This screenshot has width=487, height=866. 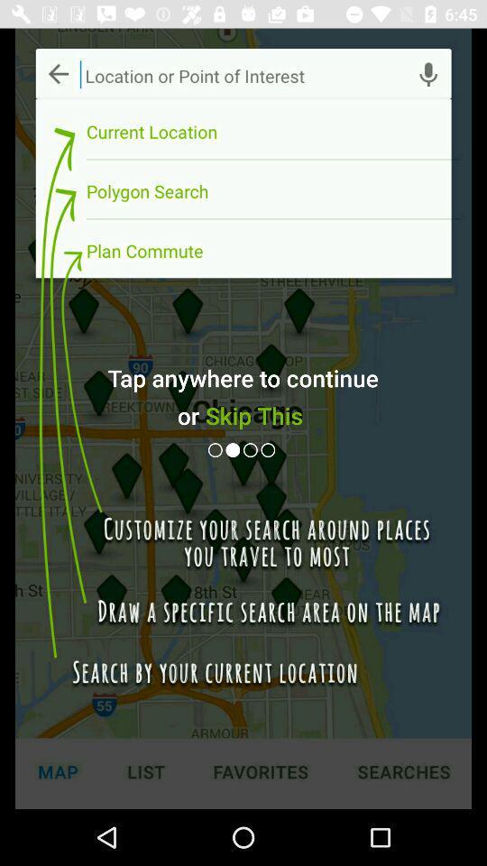 I want to click on swipe to next slide, so click(x=234, y=449).